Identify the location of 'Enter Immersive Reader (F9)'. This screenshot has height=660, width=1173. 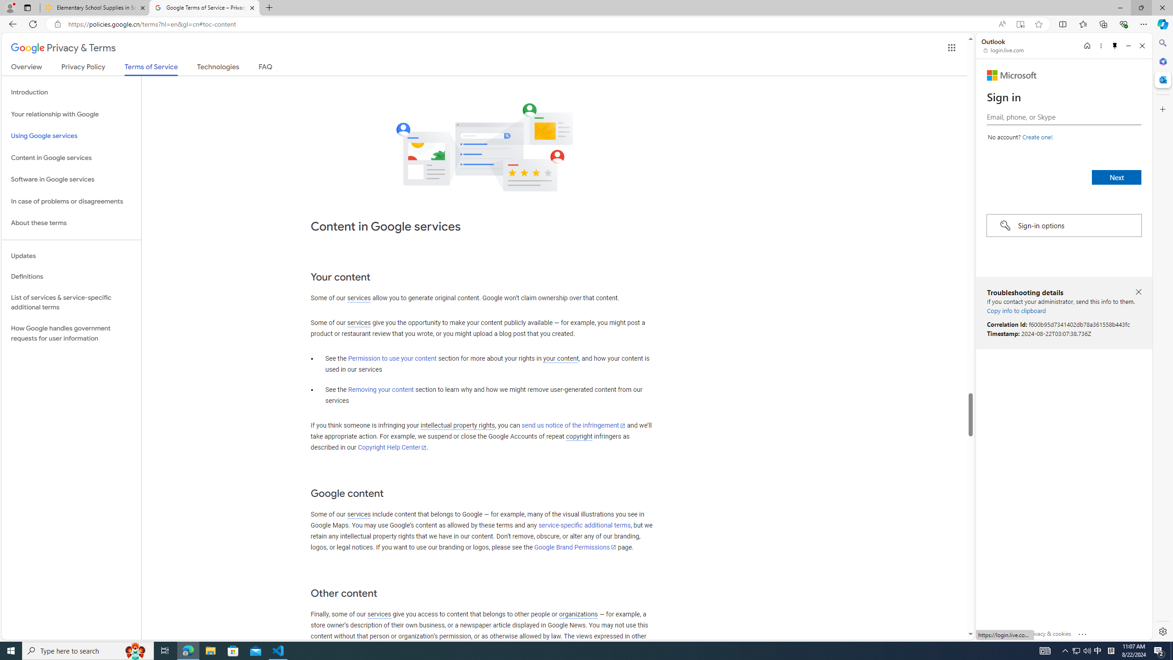
(1020, 24).